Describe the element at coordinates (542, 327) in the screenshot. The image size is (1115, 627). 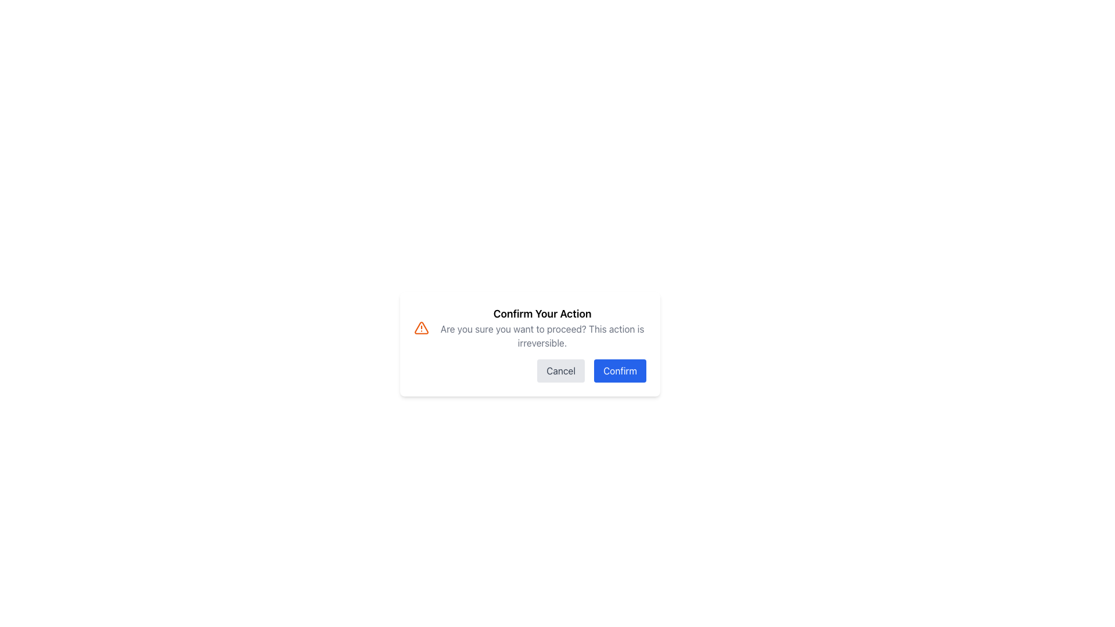
I see `text from the dialog box that contains the header 'Confirm Your Action' and the message 'Are you sure you want to proceed? This action is irreversible.'` at that location.